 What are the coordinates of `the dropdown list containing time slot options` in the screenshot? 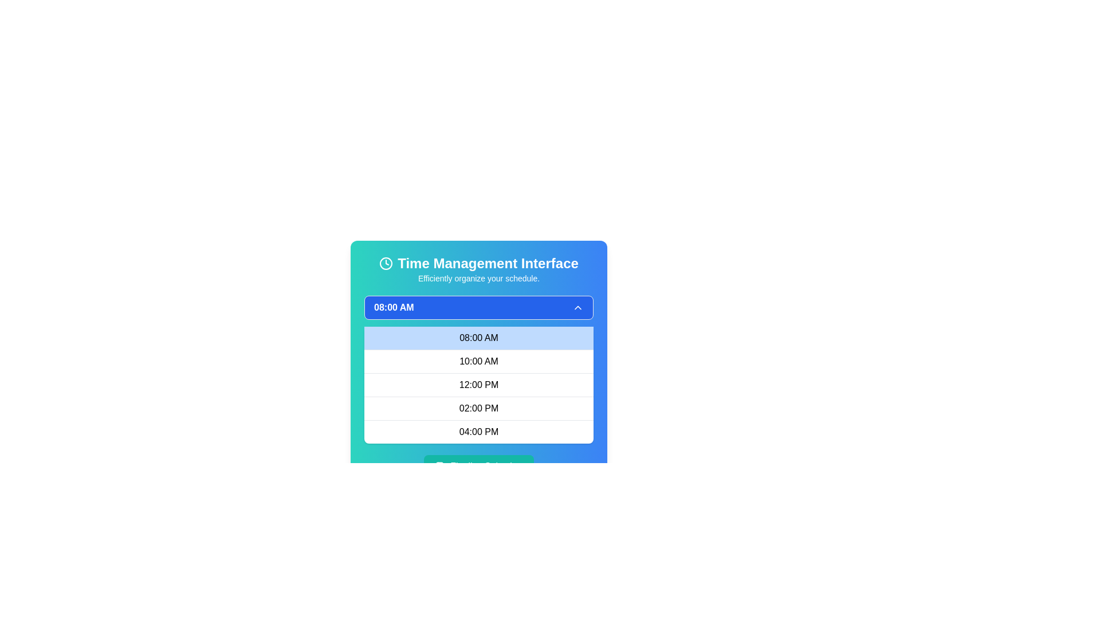 It's located at (478, 385).